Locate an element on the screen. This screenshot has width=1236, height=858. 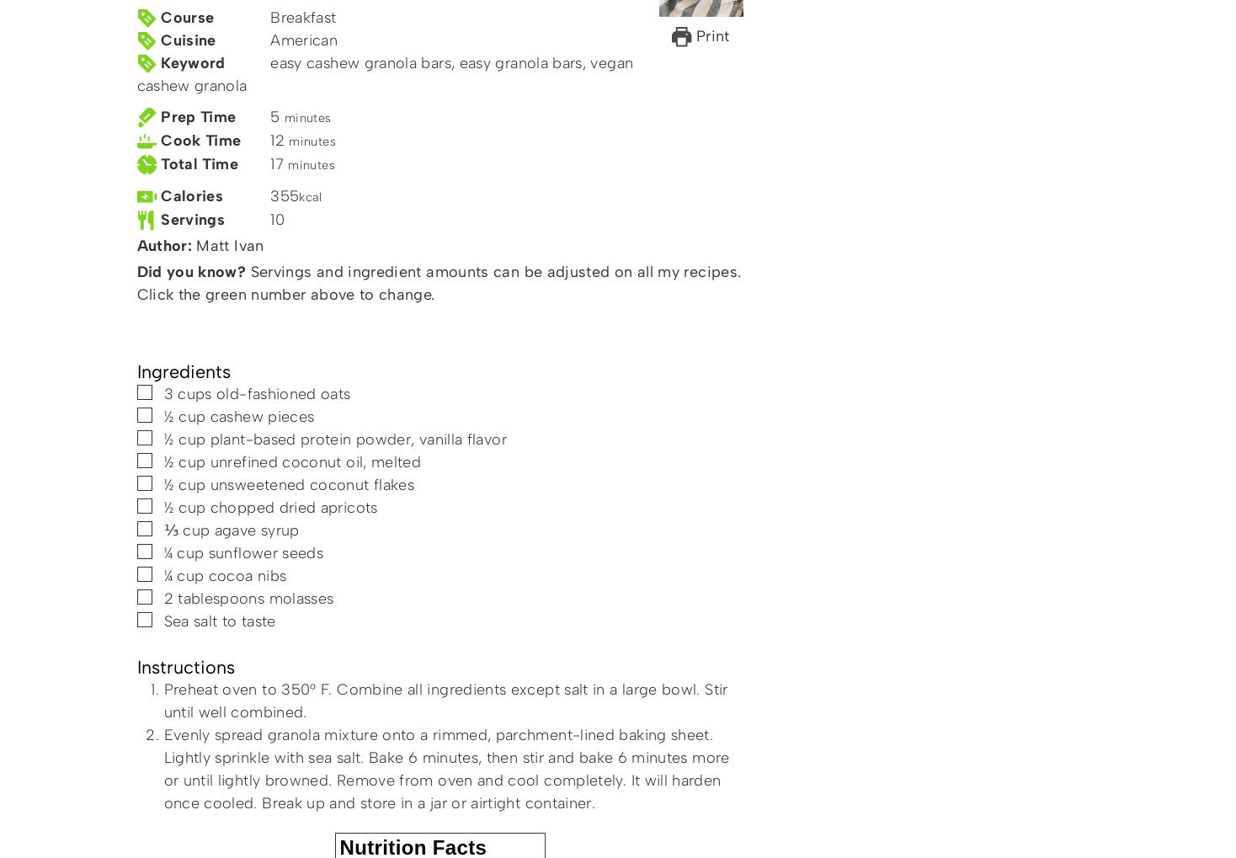
'unsweetened coconut flakes' is located at coordinates (311, 484).